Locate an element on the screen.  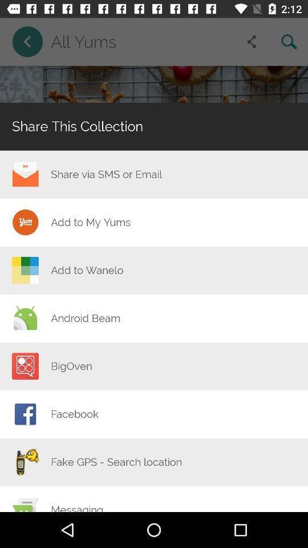
the icon below the bigoven is located at coordinates (75, 413).